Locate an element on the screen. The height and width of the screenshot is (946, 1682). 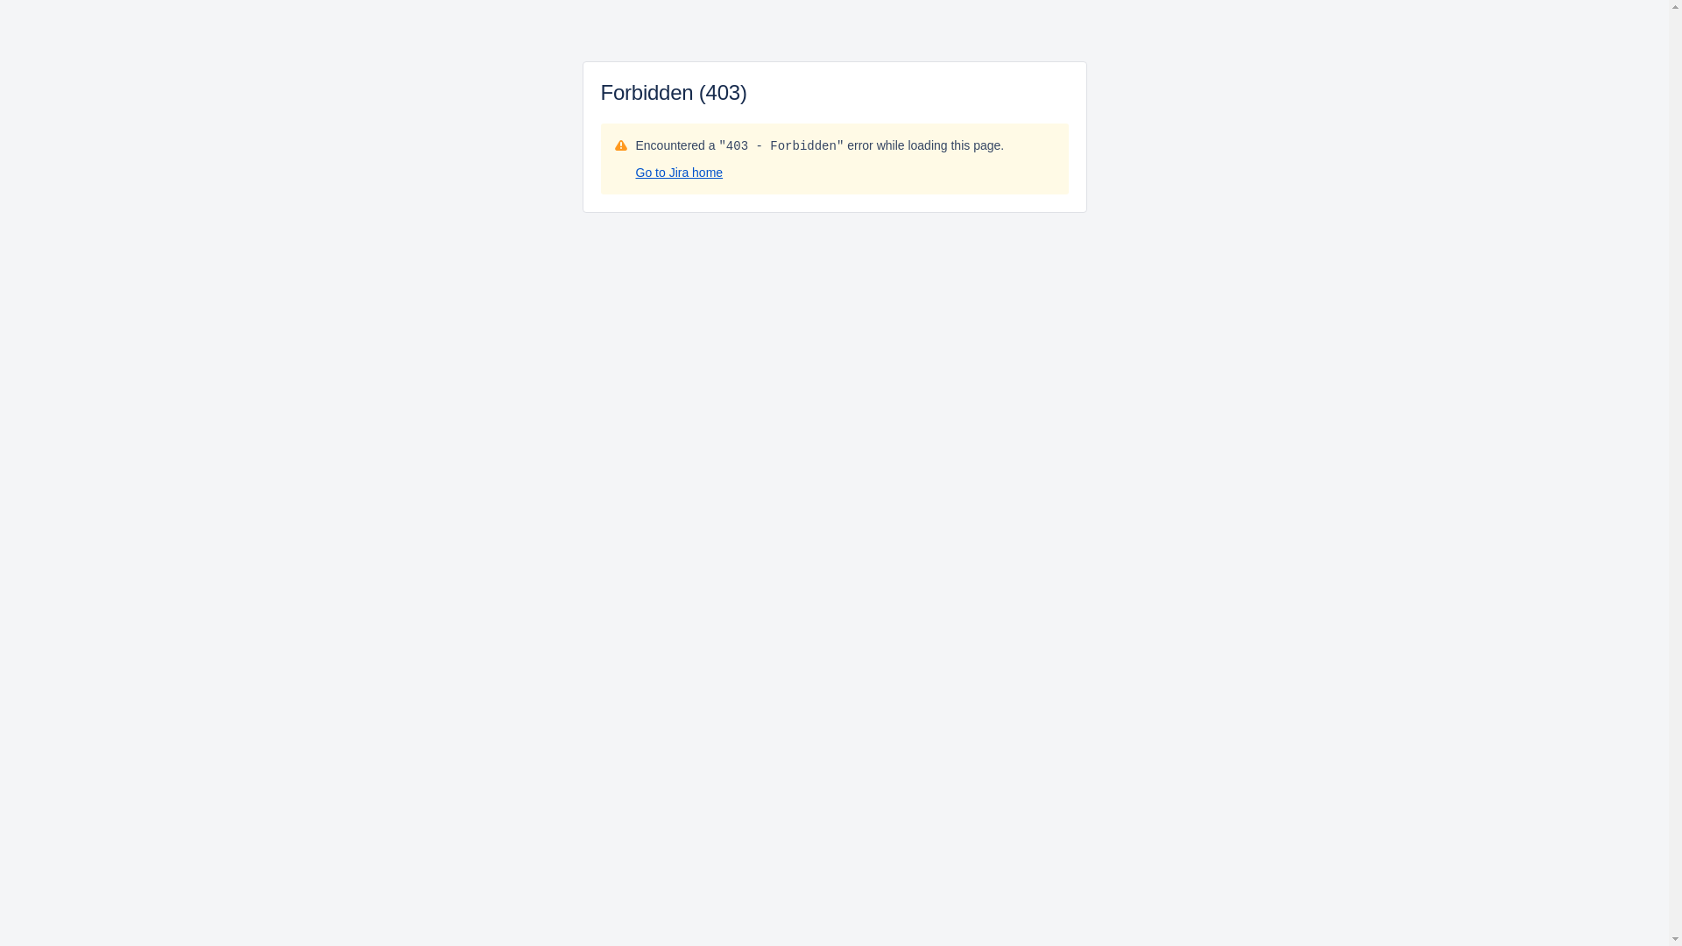
'Go to Jira home' is located at coordinates (679, 172).